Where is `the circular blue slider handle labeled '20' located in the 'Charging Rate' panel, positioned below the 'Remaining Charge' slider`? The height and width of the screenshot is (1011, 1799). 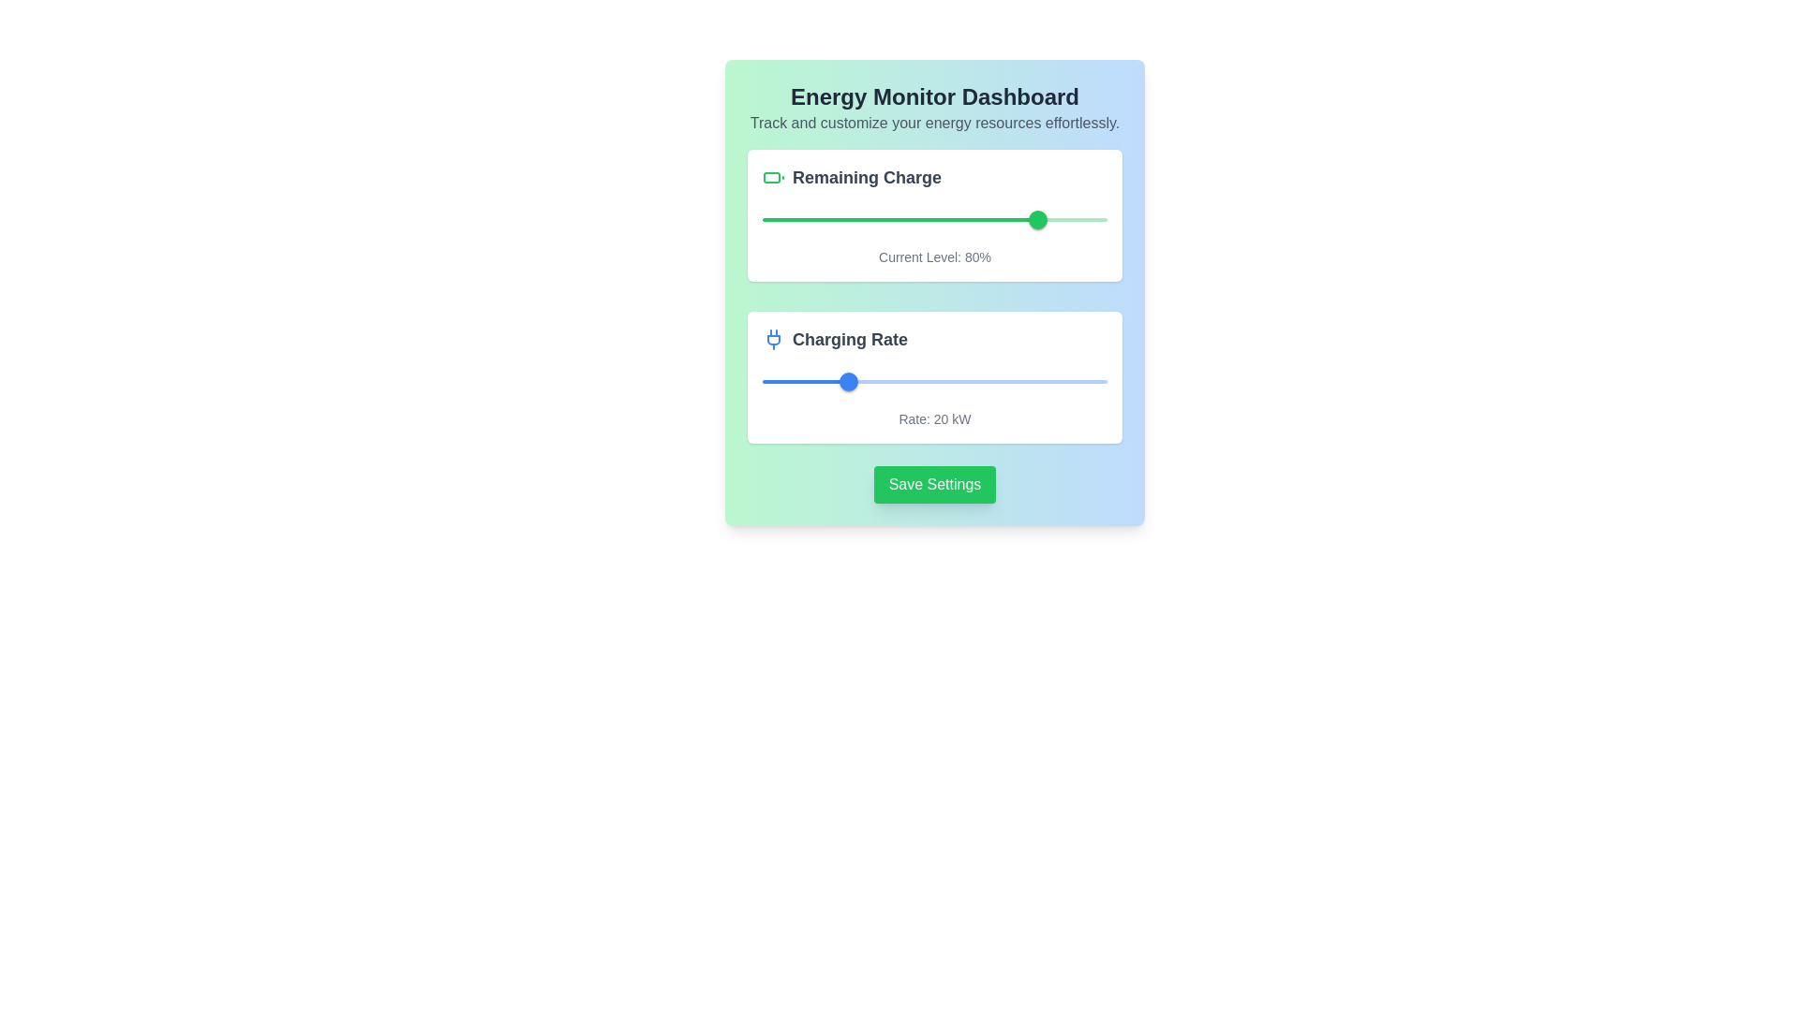
the circular blue slider handle labeled '20' located in the 'Charging Rate' panel, positioned below the 'Remaining Charge' slider is located at coordinates (848, 381).